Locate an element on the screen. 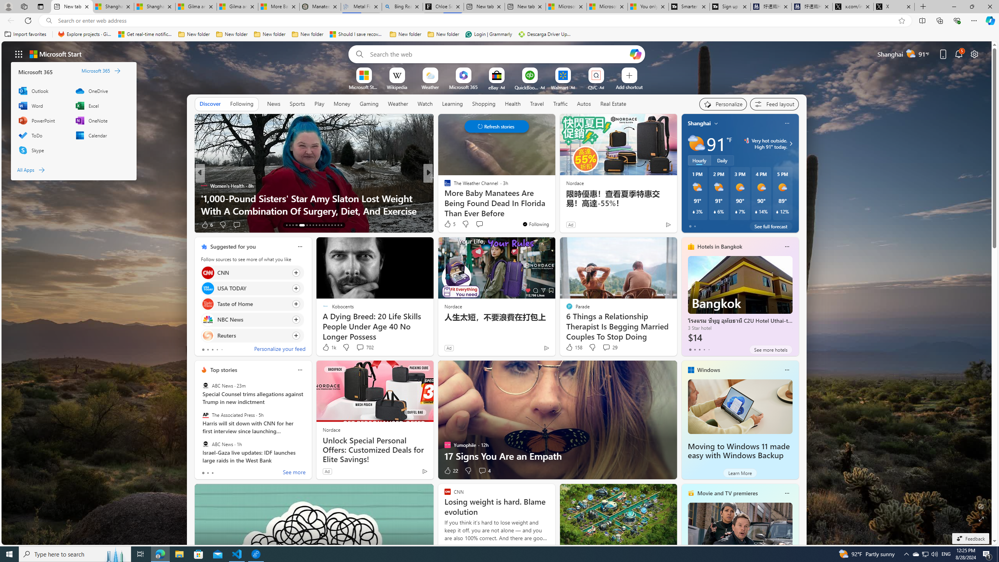 The width and height of the screenshot is (999, 562). 'See full forecast' is located at coordinates (770, 226).